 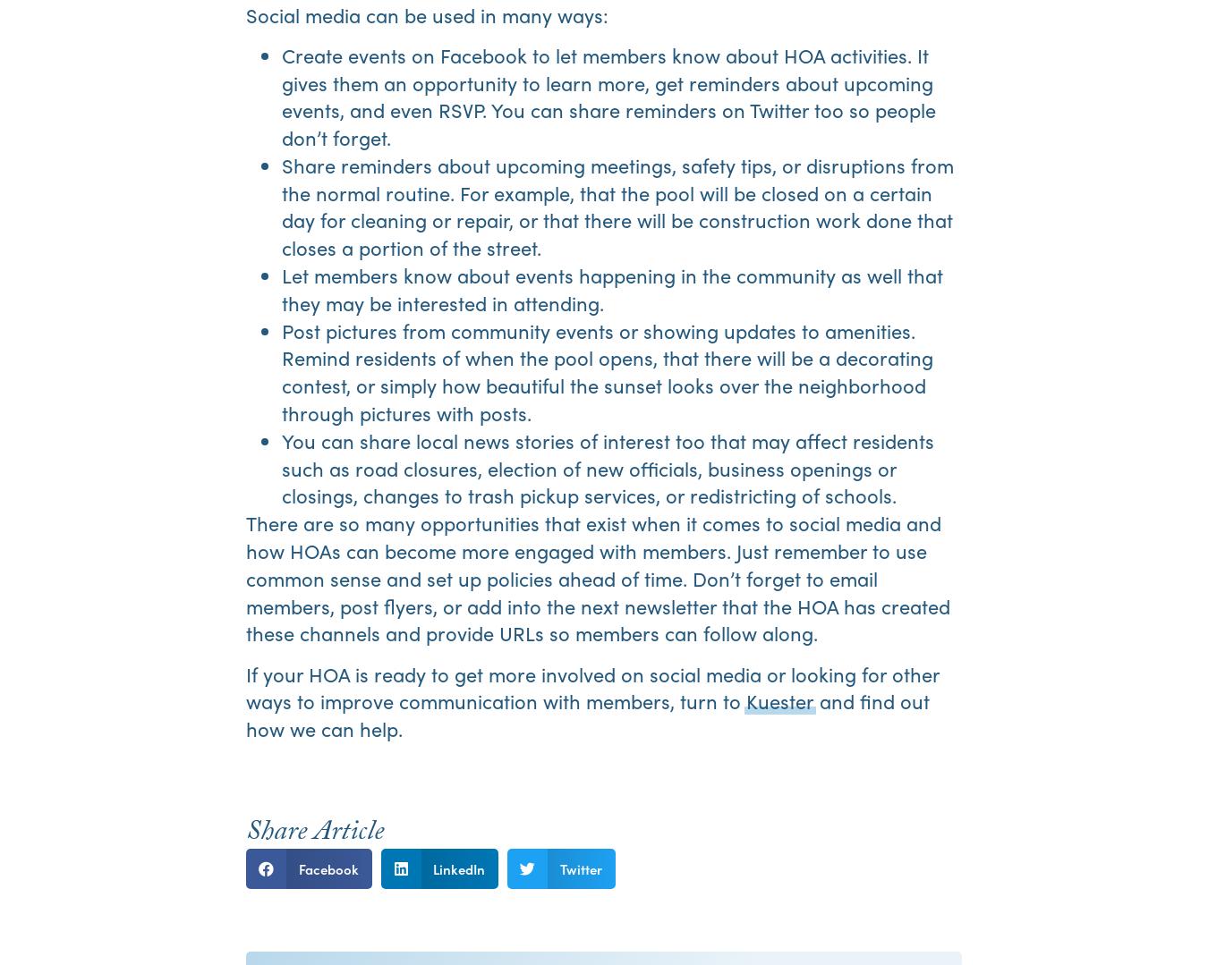 I want to click on 'There are so many opportunities that exist when it comes to social media and how HOAs can become more engaged with members. Just remember to use common sense and set up policies ahead of time. Don’t forget to email members, post flyers, or add into the next newsletter that the HOA has created these channels and provide URLs so members can follow along.', so click(x=244, y=577).